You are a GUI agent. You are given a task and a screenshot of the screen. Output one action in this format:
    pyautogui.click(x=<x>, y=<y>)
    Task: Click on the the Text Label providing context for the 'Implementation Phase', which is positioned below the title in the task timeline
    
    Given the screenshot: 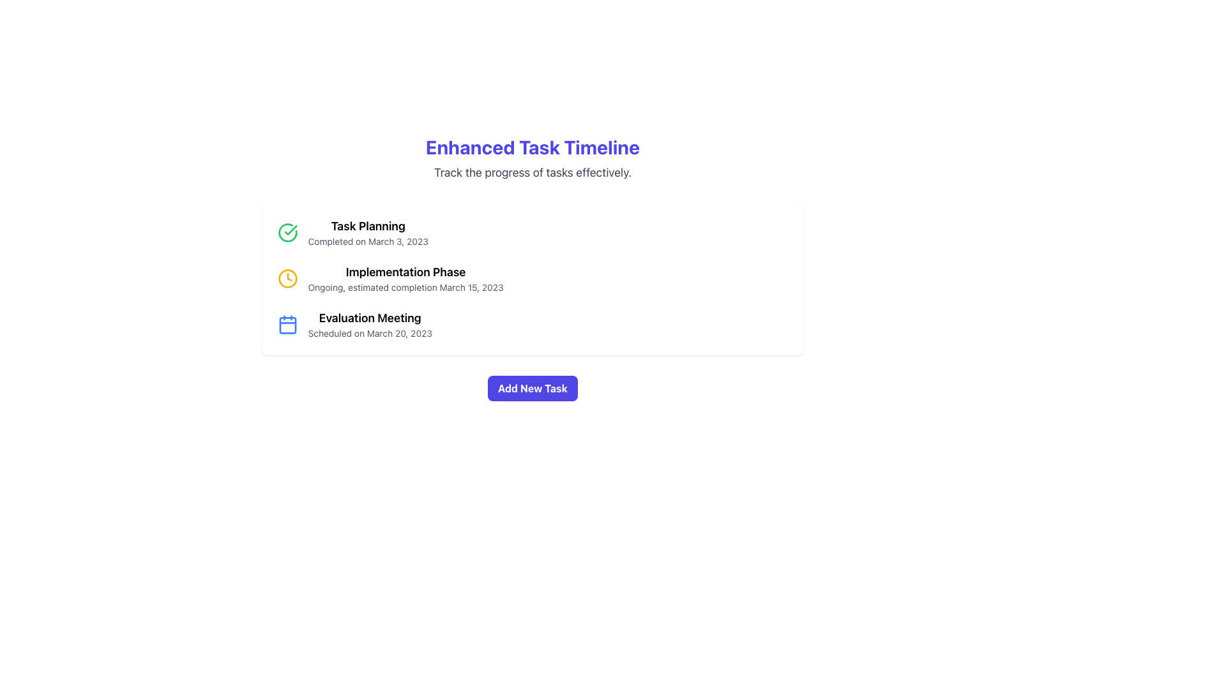 What is the action you would take?
    pyautogui.click(x=405, y=288)
    